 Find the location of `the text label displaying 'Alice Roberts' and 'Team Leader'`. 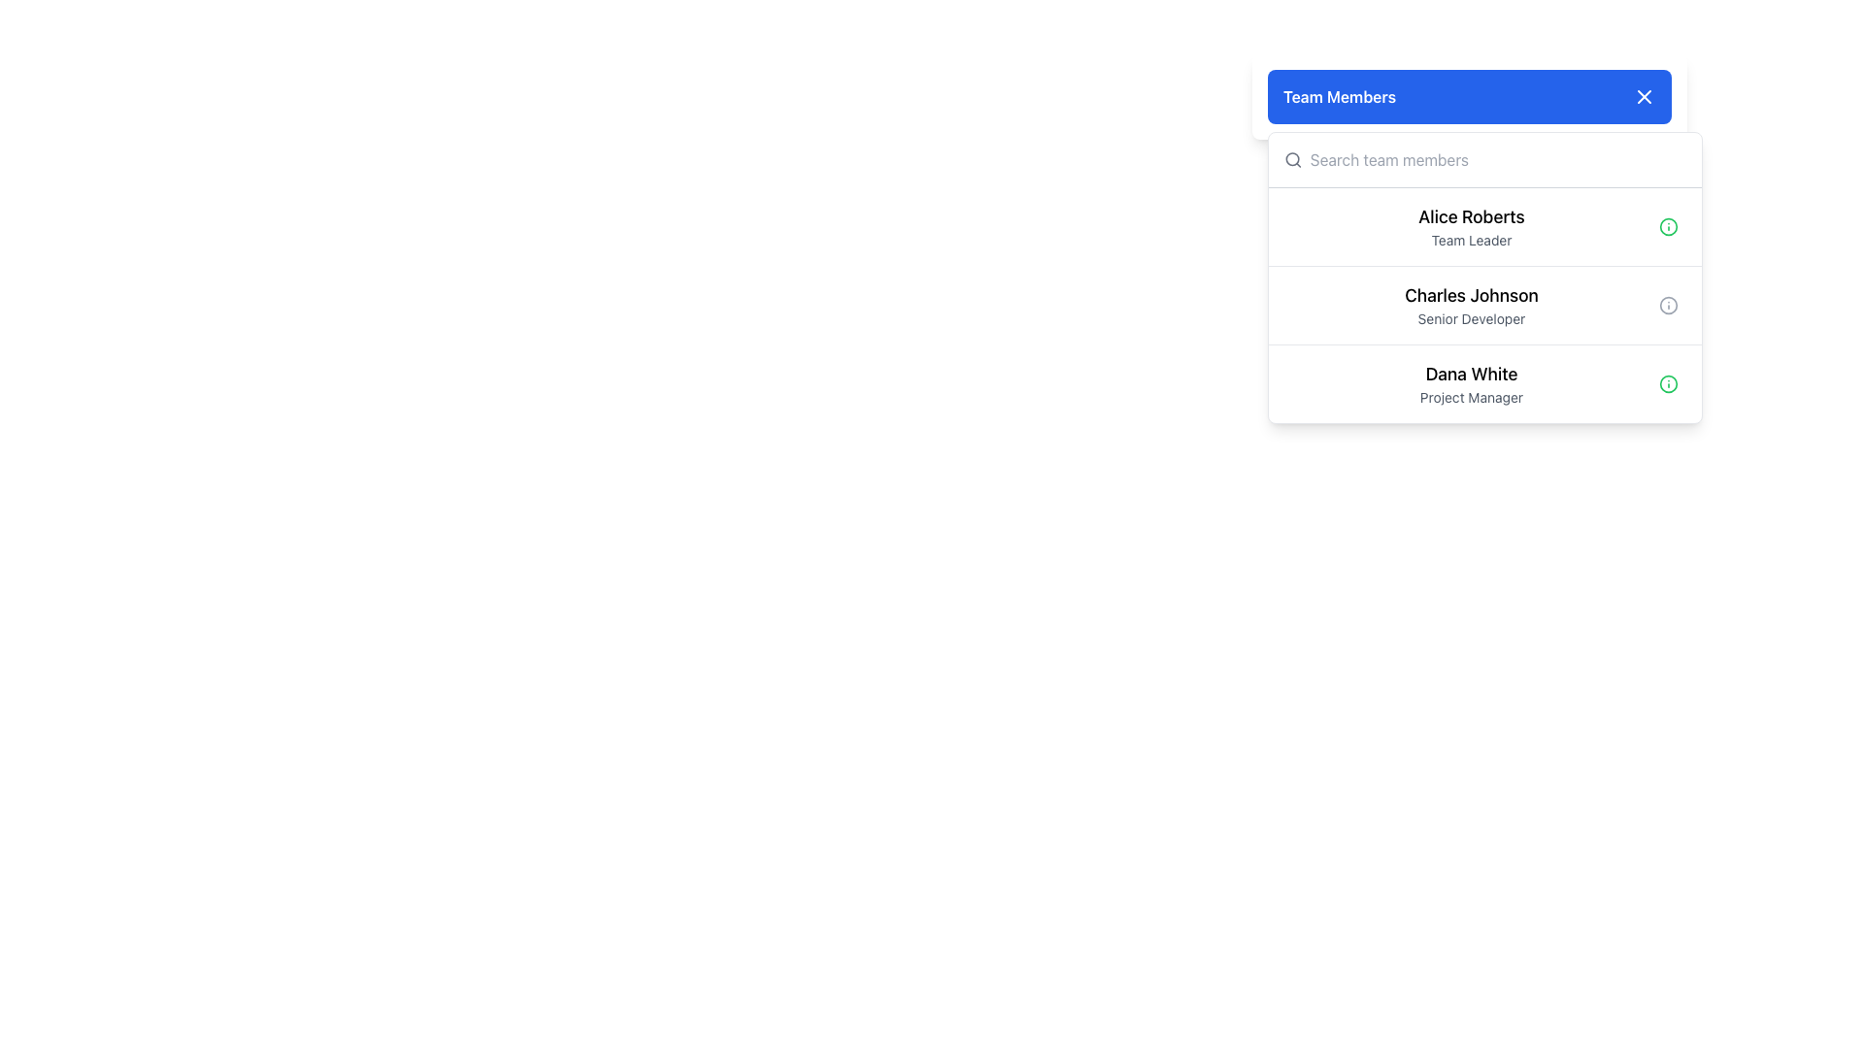

the text label displaying 'Alice Roberts' and 'Team Leader' is located at coordinates (1472, 226).